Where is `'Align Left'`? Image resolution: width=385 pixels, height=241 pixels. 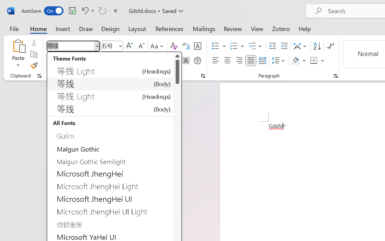
'Align Left' is located at coordinates (215, 61).